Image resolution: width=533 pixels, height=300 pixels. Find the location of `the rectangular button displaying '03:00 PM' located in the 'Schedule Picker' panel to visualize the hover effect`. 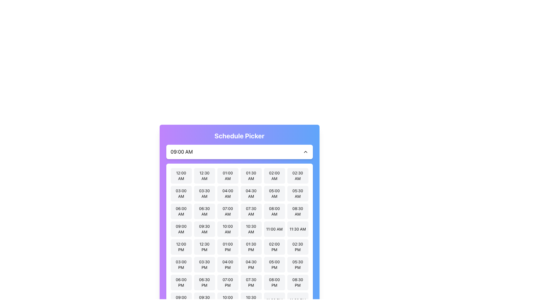

the rectangular button displaying '03:00 PM' located in the 'Schedule Picker' panel to visualize the hover effect is located at coordinates (181, 264).